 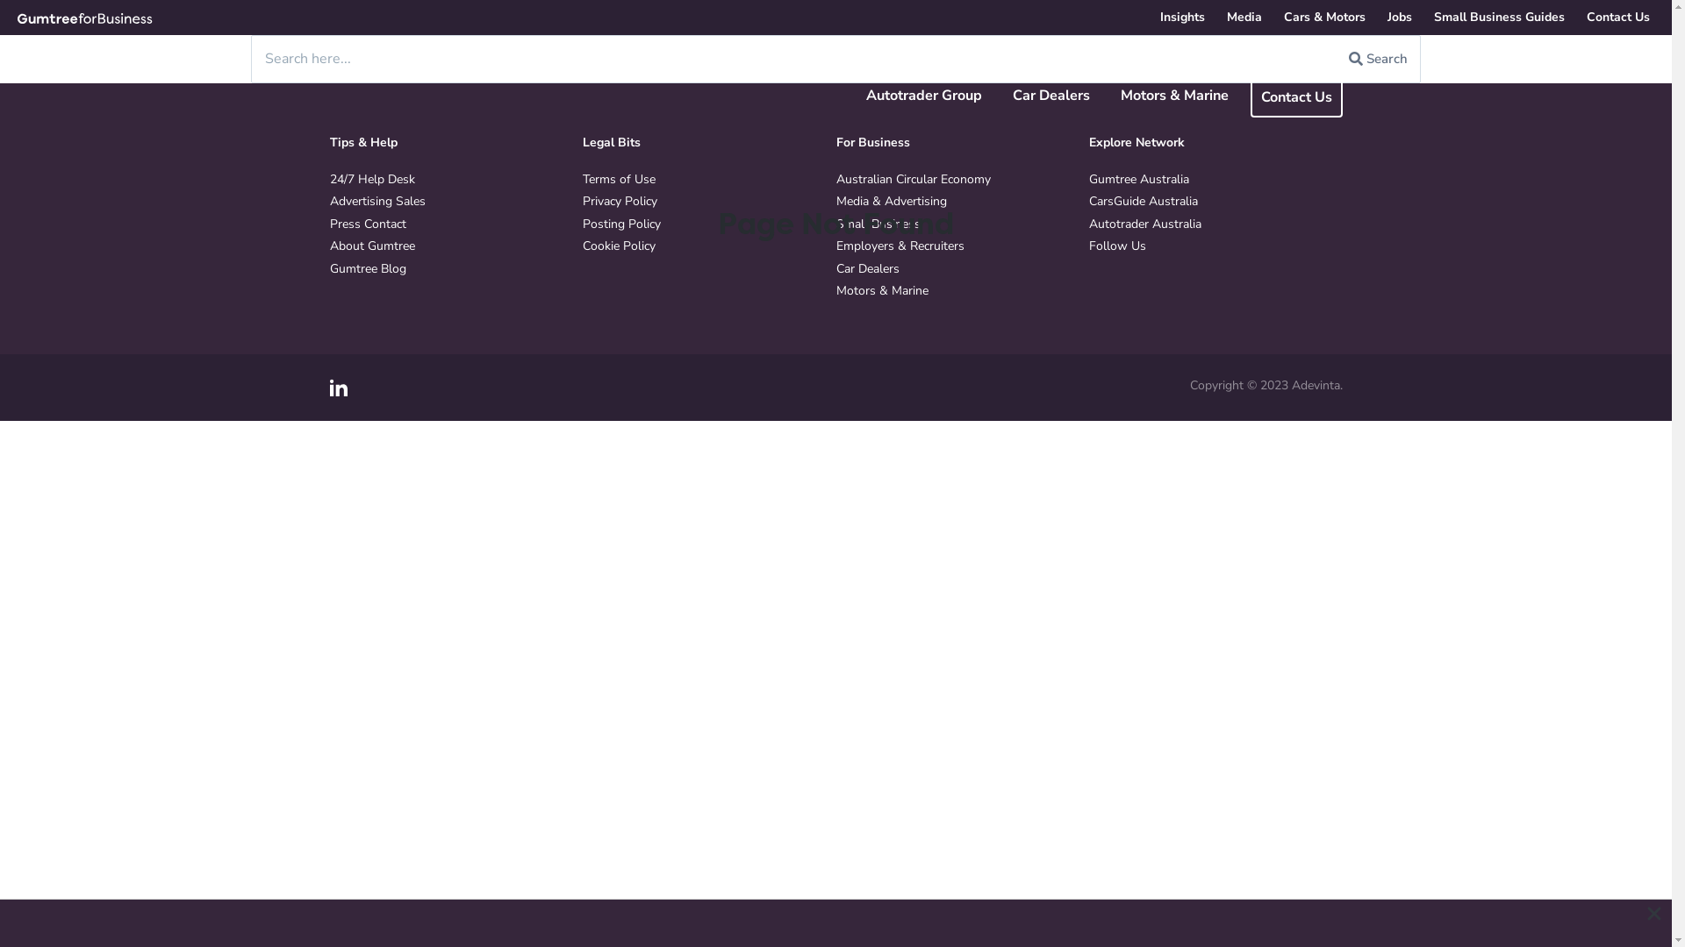 I want to click on 'LinkedIn', so click(x=338, y=387).